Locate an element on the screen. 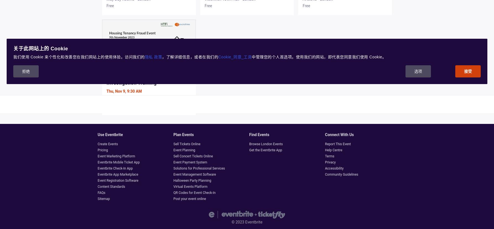  'Thu, Nov 9, 9:30 AM' is located at coordinates (106, 91).